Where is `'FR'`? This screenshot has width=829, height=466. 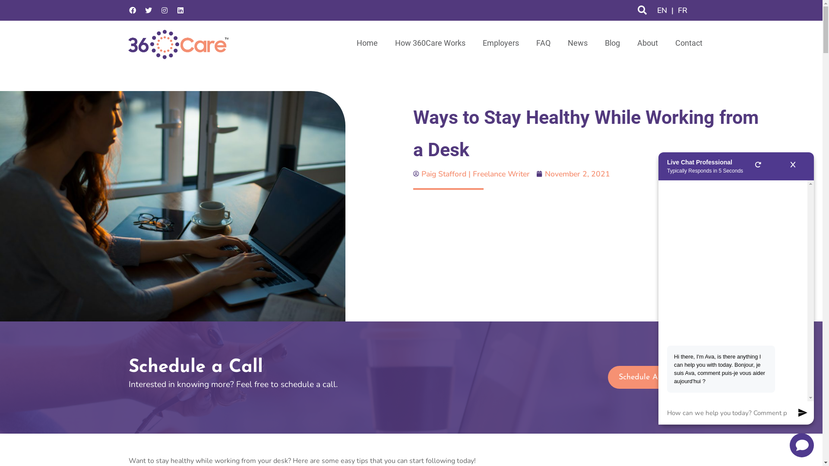
'FR' is located at coordinates (682, 10).